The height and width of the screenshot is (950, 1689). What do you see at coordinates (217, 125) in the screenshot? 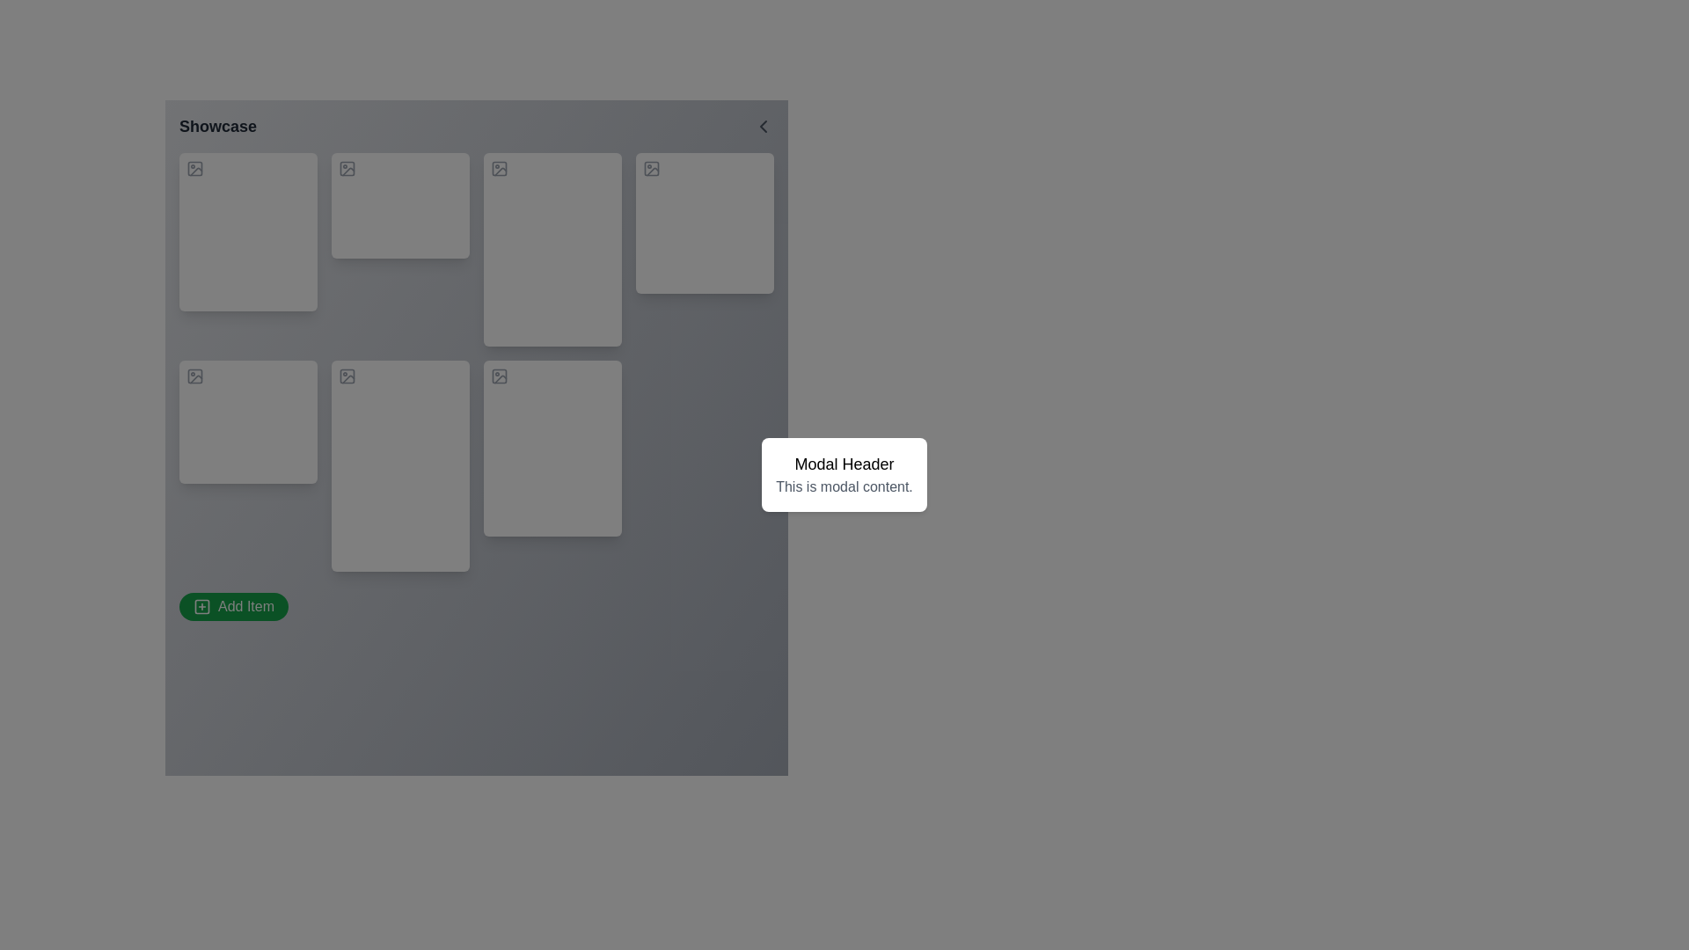
I see `the 'Showcase' text label, which serves as a title or heading in the interface, indicating the current context` at bounding box center [217, 125].